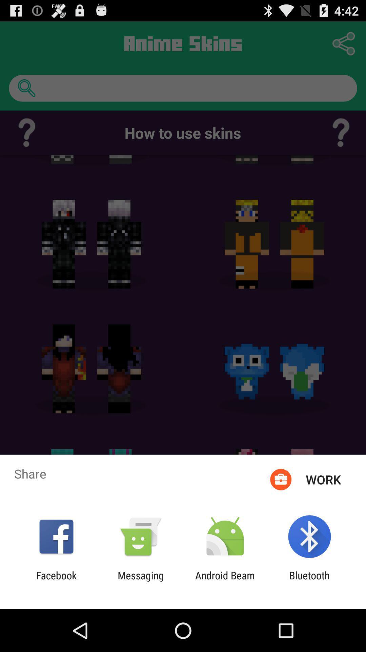  I want to click on the item to the left of the messaging item, so click(56, 581).